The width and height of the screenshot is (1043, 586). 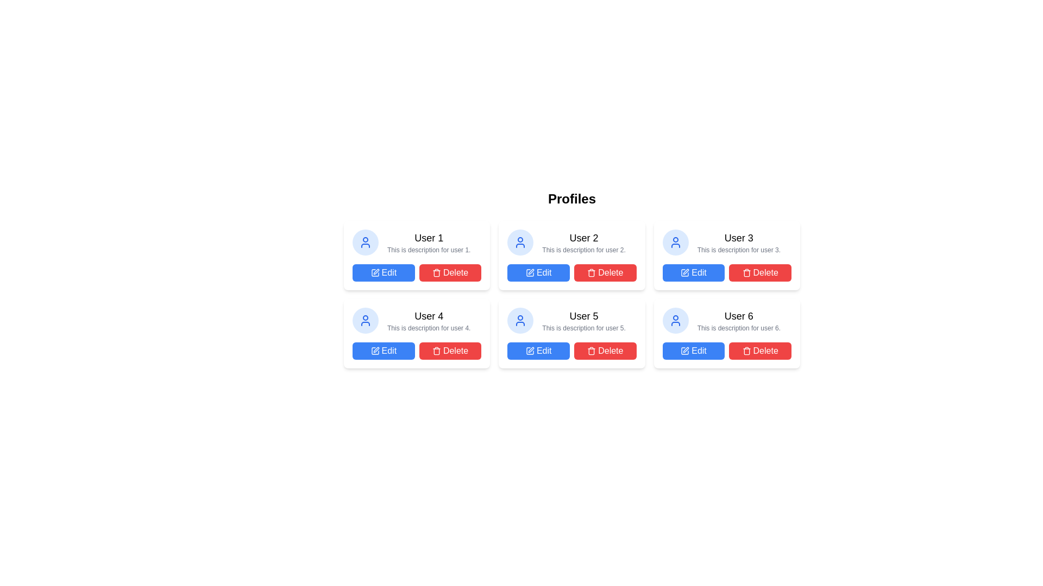 I want to click on the blue 'Edit' button with white text and a pencil icon, so click(x=538, y=272).